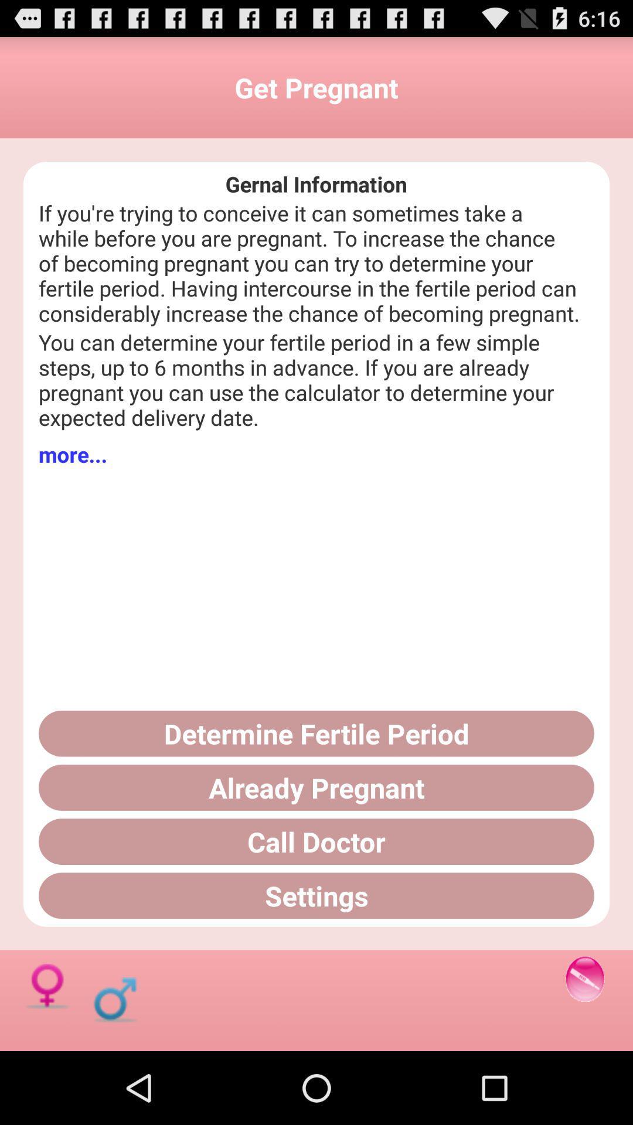 This screenshot has width=633, height=1125. I want to click on the icon on the left, so click(73, 454).